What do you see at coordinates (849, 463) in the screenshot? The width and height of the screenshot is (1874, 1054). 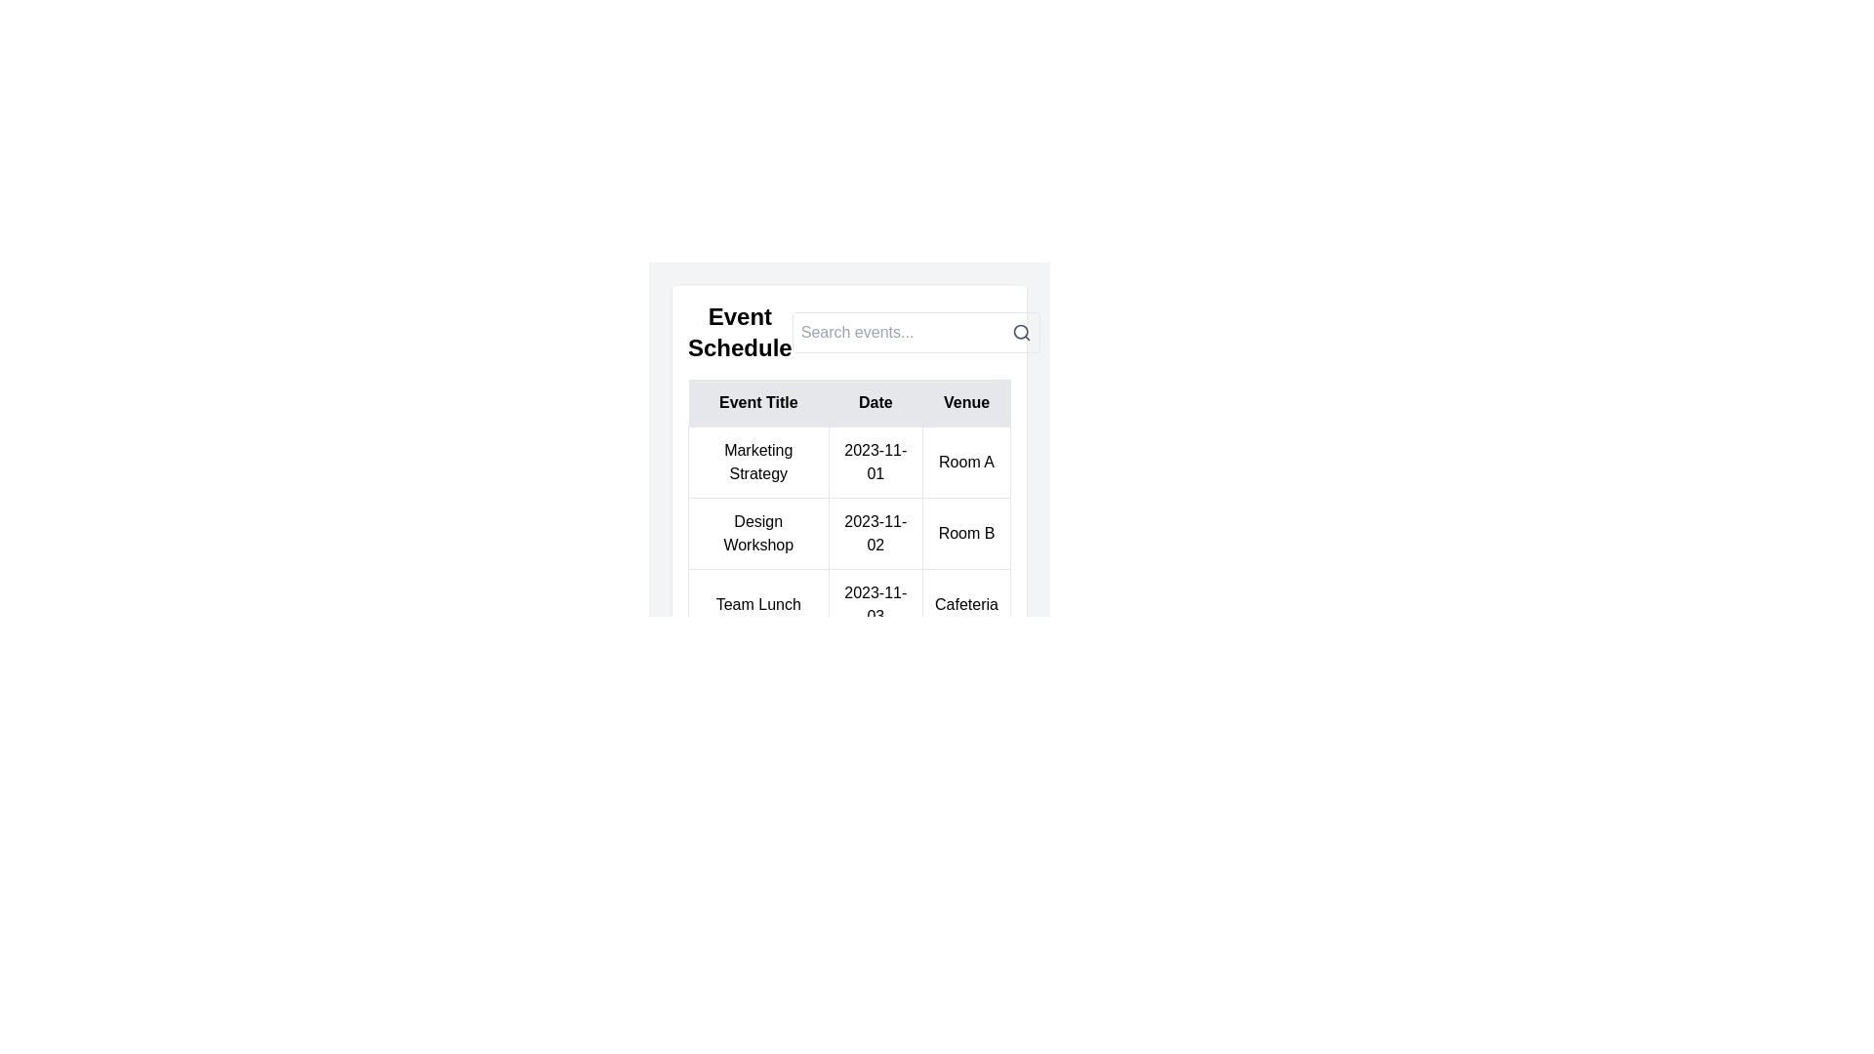 I see `the first table row under the 'Event Schedule' section, which displays 'Marketing Strategy', '2023-11-01', and 'Room A'` at bounding box center [849, 463].